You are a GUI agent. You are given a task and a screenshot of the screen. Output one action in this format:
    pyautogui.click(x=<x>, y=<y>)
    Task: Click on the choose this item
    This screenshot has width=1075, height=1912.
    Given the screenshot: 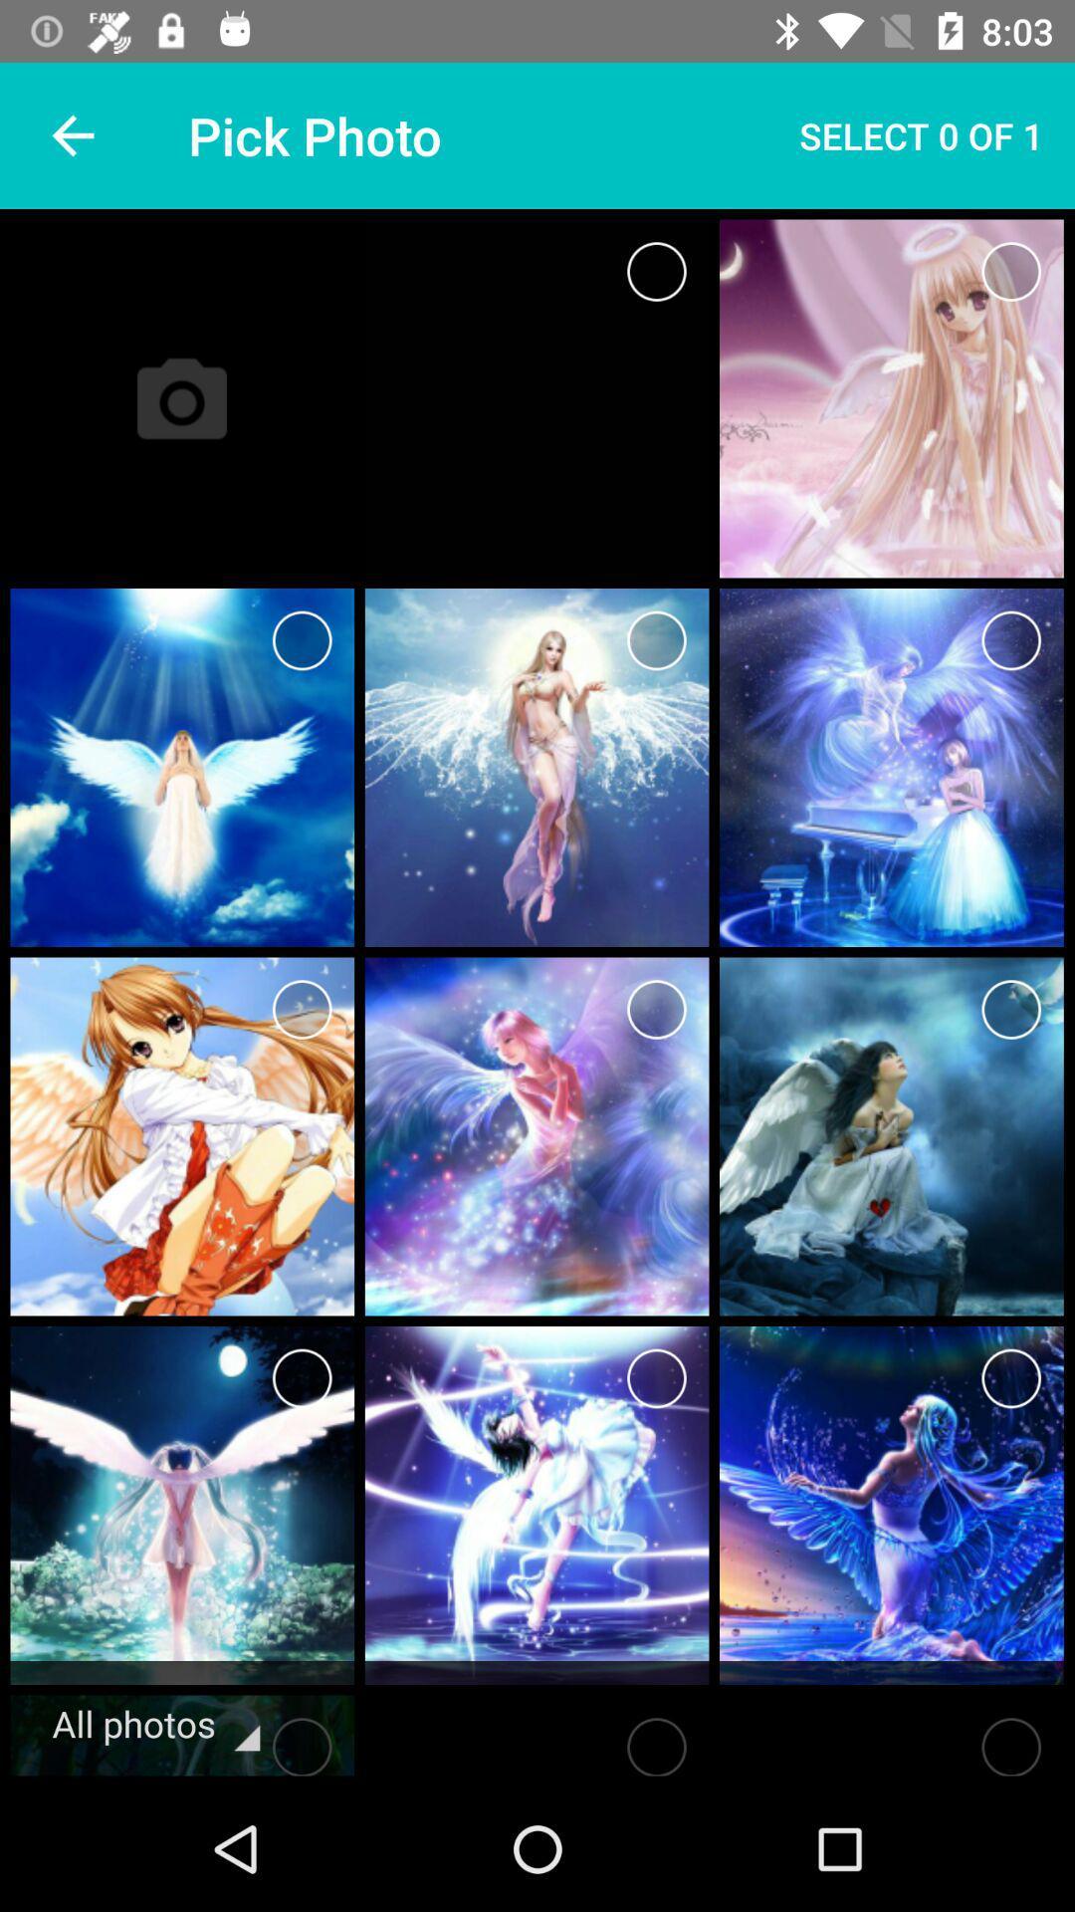 What is the action you would take?
    pyautogui.click(x=656, y=1740)
    